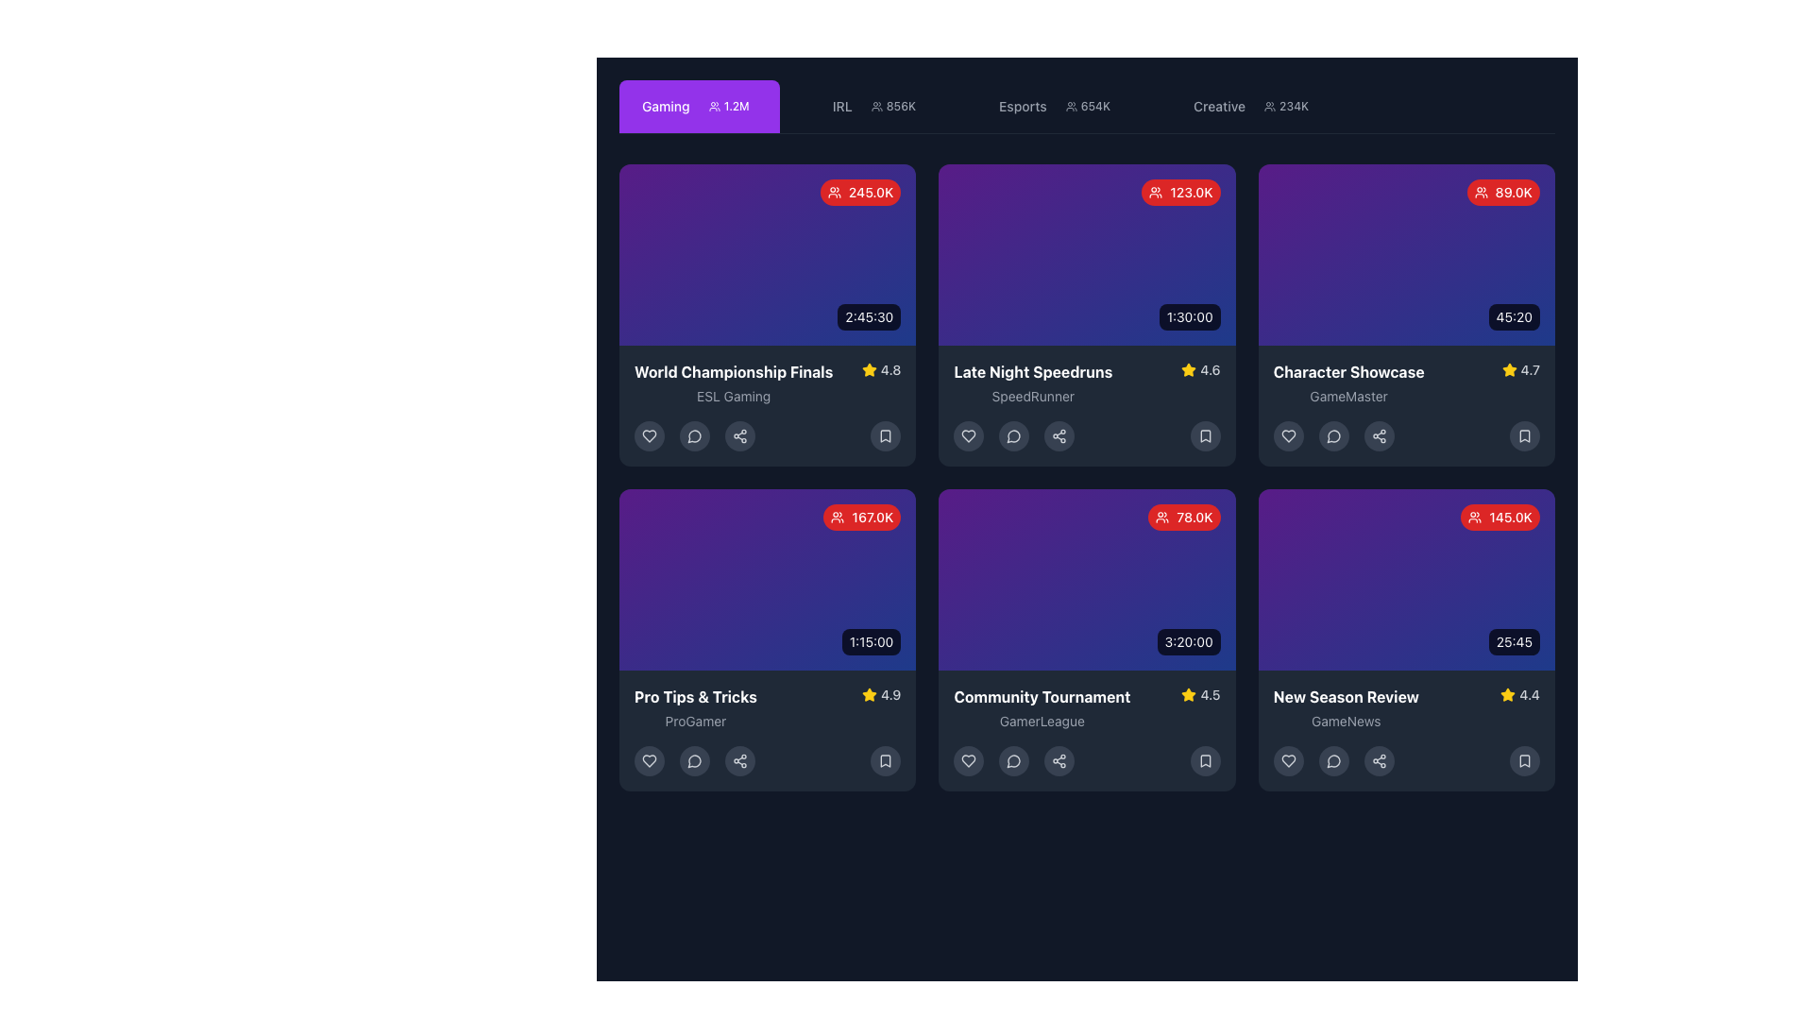 This screenshot has width=1813, height=1020. I want to click on the heart button, which is the first button in a row of circular buttons below the 'New Season Review' content, to indicate interest in the content, so click(1287, 760).